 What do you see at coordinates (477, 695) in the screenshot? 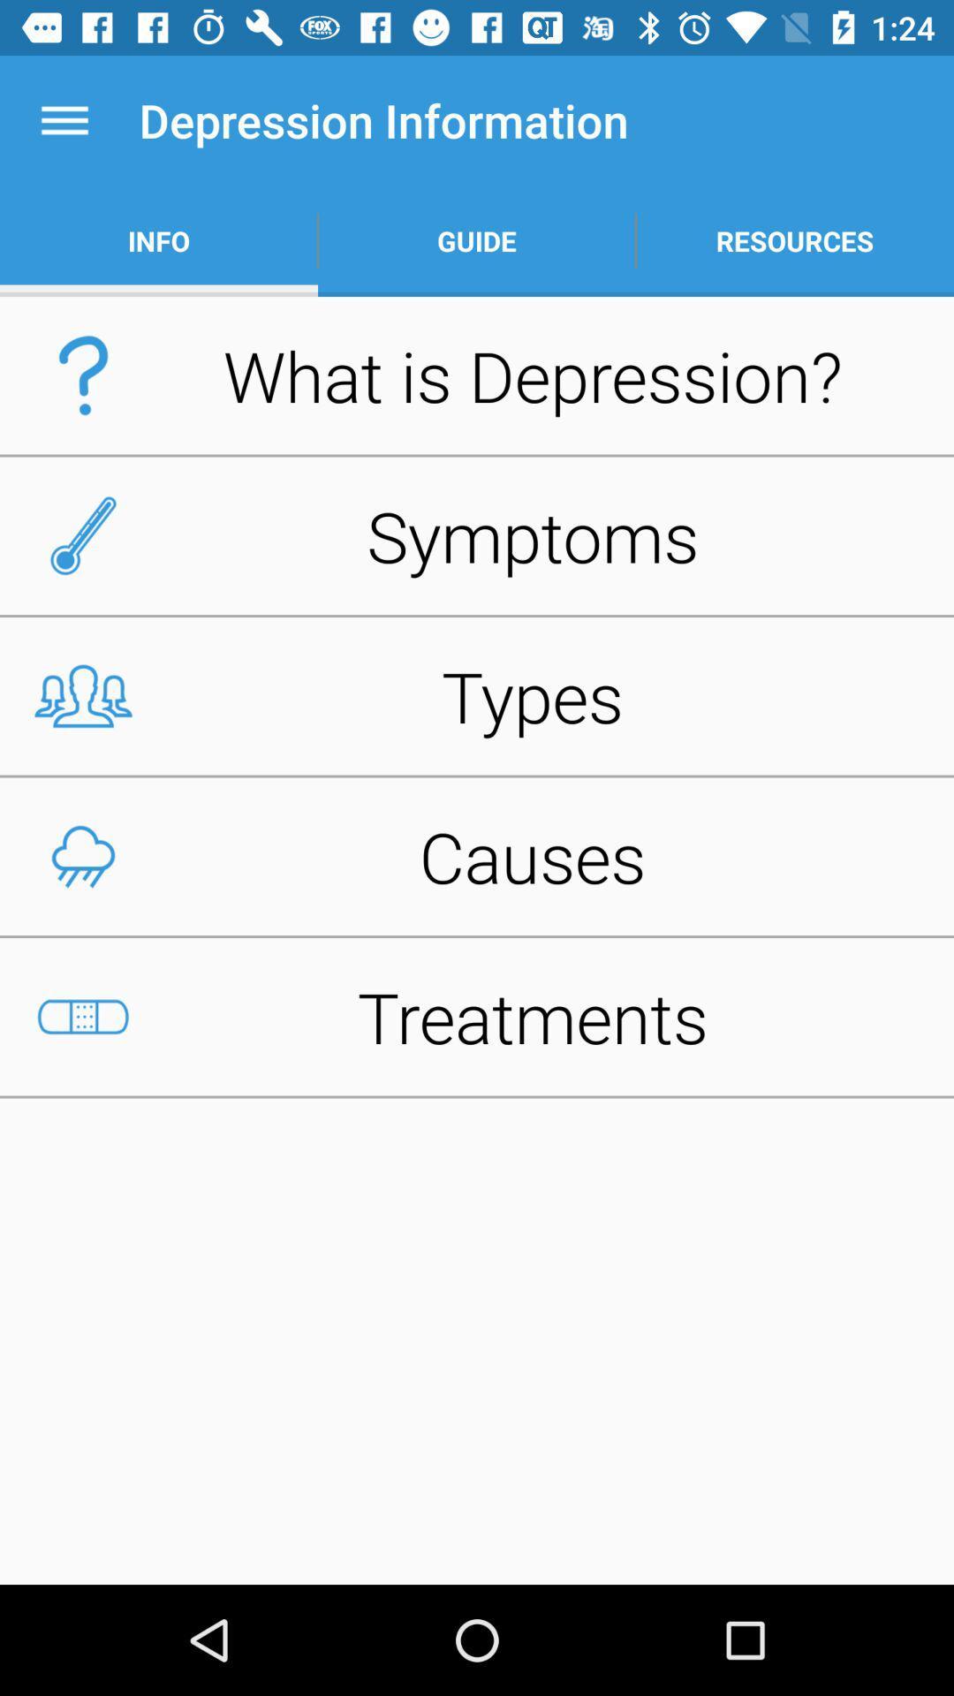
I see `the types icon` at bounding box center [477, 695].